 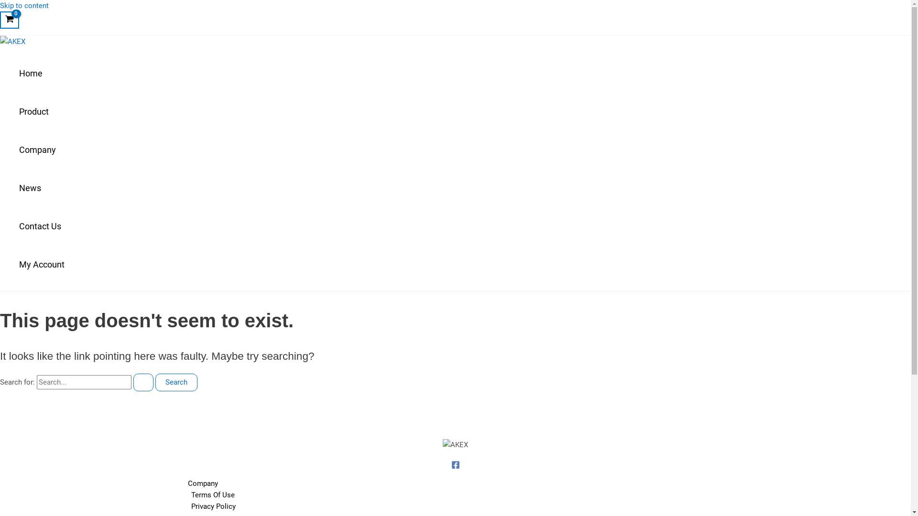 I want to click on 'My Account', so click(x=41, y=265).